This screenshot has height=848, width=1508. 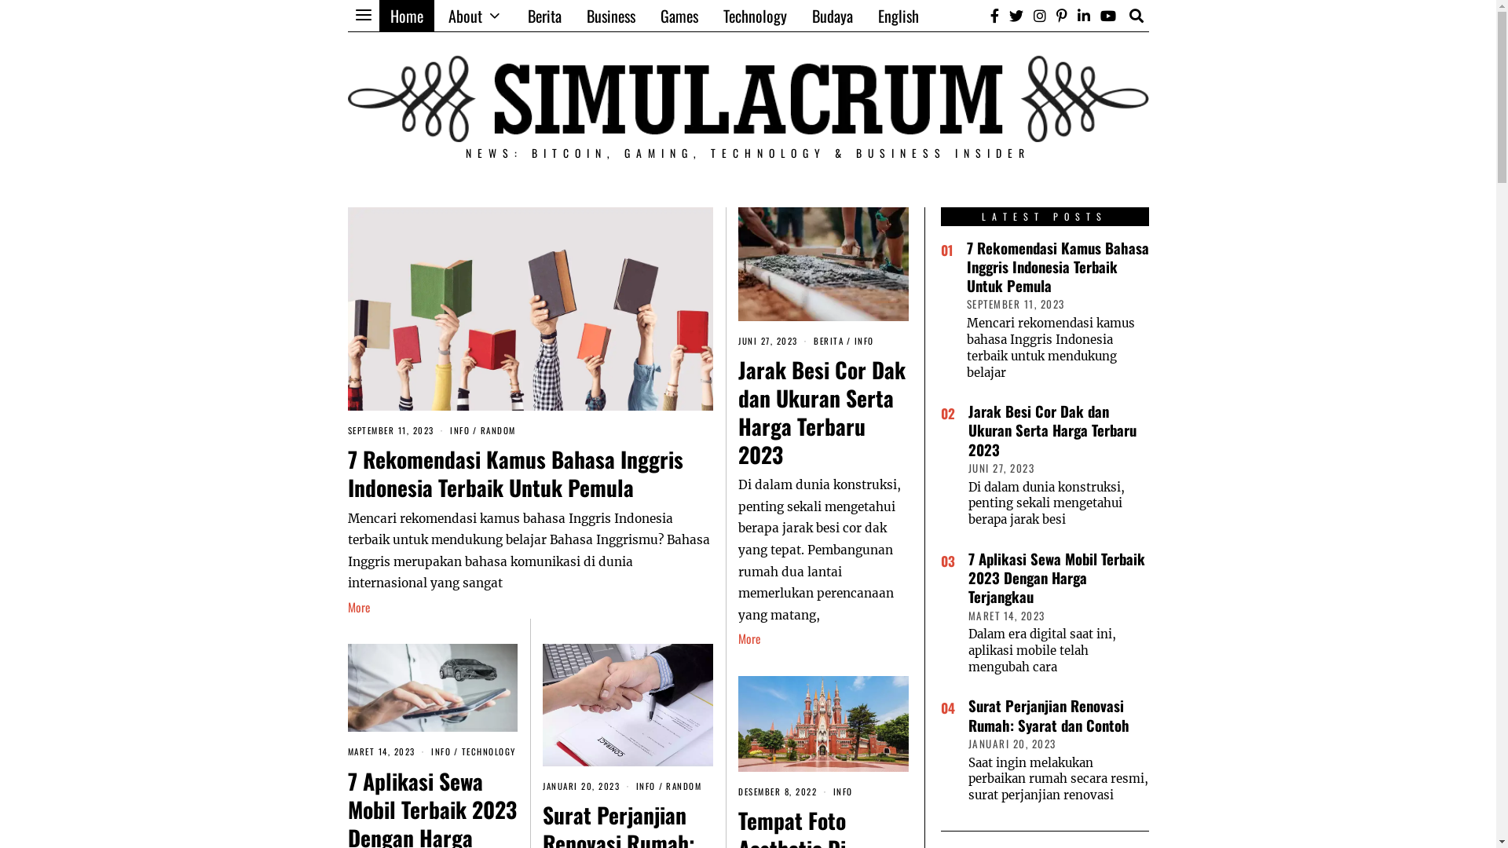 I want to click on 'Jarak Besi Cor Dak dan Ukuran Serta Harga Terbaru 2023', so click(x=967, y=429).